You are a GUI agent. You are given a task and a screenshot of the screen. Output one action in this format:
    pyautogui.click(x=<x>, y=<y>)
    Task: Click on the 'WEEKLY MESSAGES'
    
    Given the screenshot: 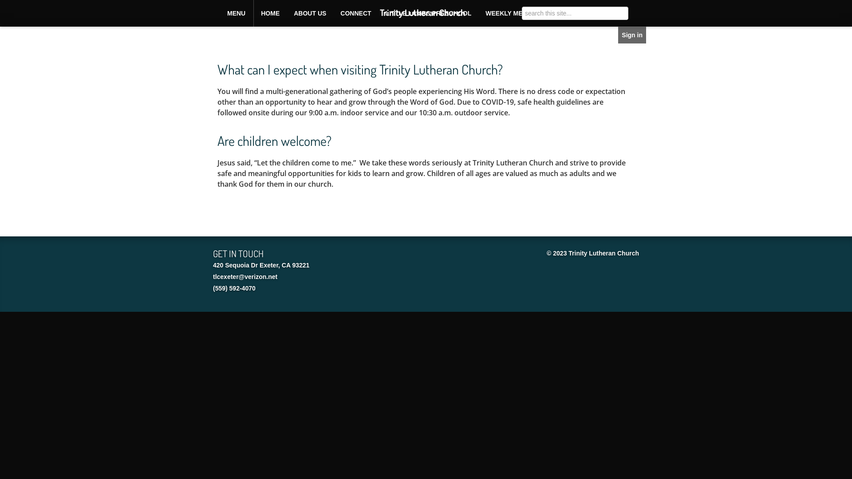 What is the action you would take?
    pyautogui.click(x=517, y=13)
    